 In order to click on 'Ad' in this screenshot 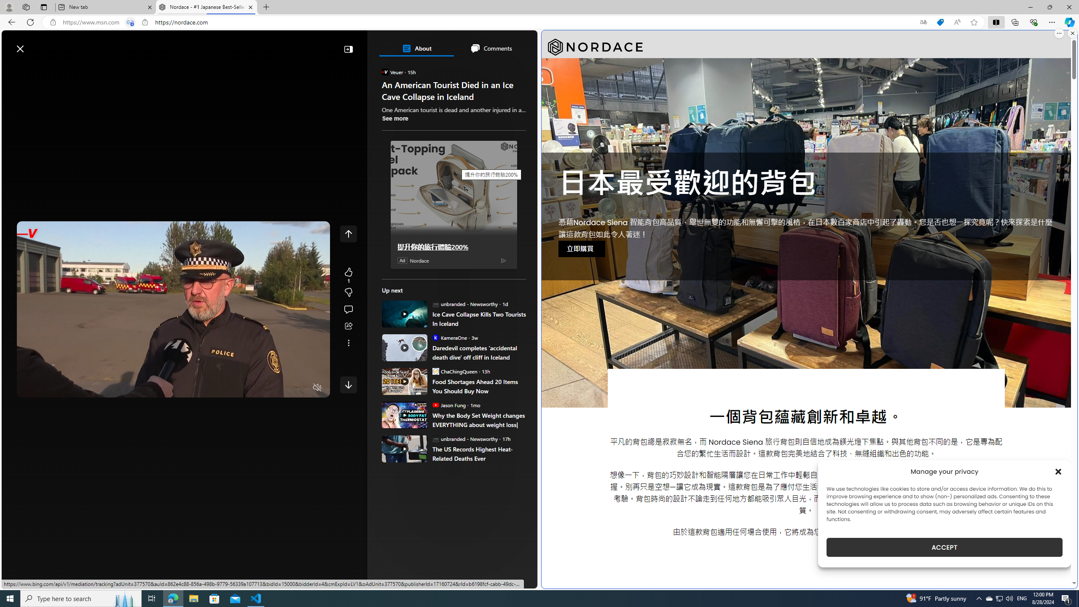, I will do `click(402, 260)`.